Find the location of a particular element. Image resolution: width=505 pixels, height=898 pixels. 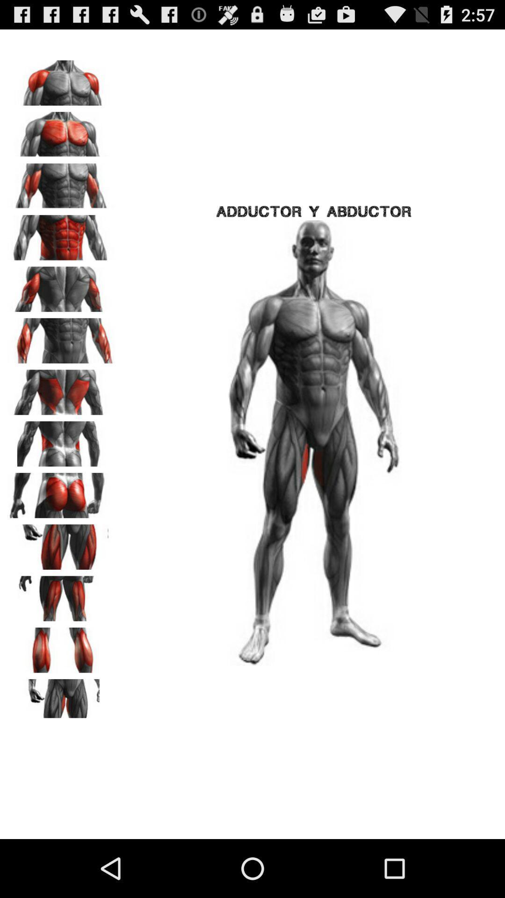

zoom to body part is located at coordinates (61, 80).